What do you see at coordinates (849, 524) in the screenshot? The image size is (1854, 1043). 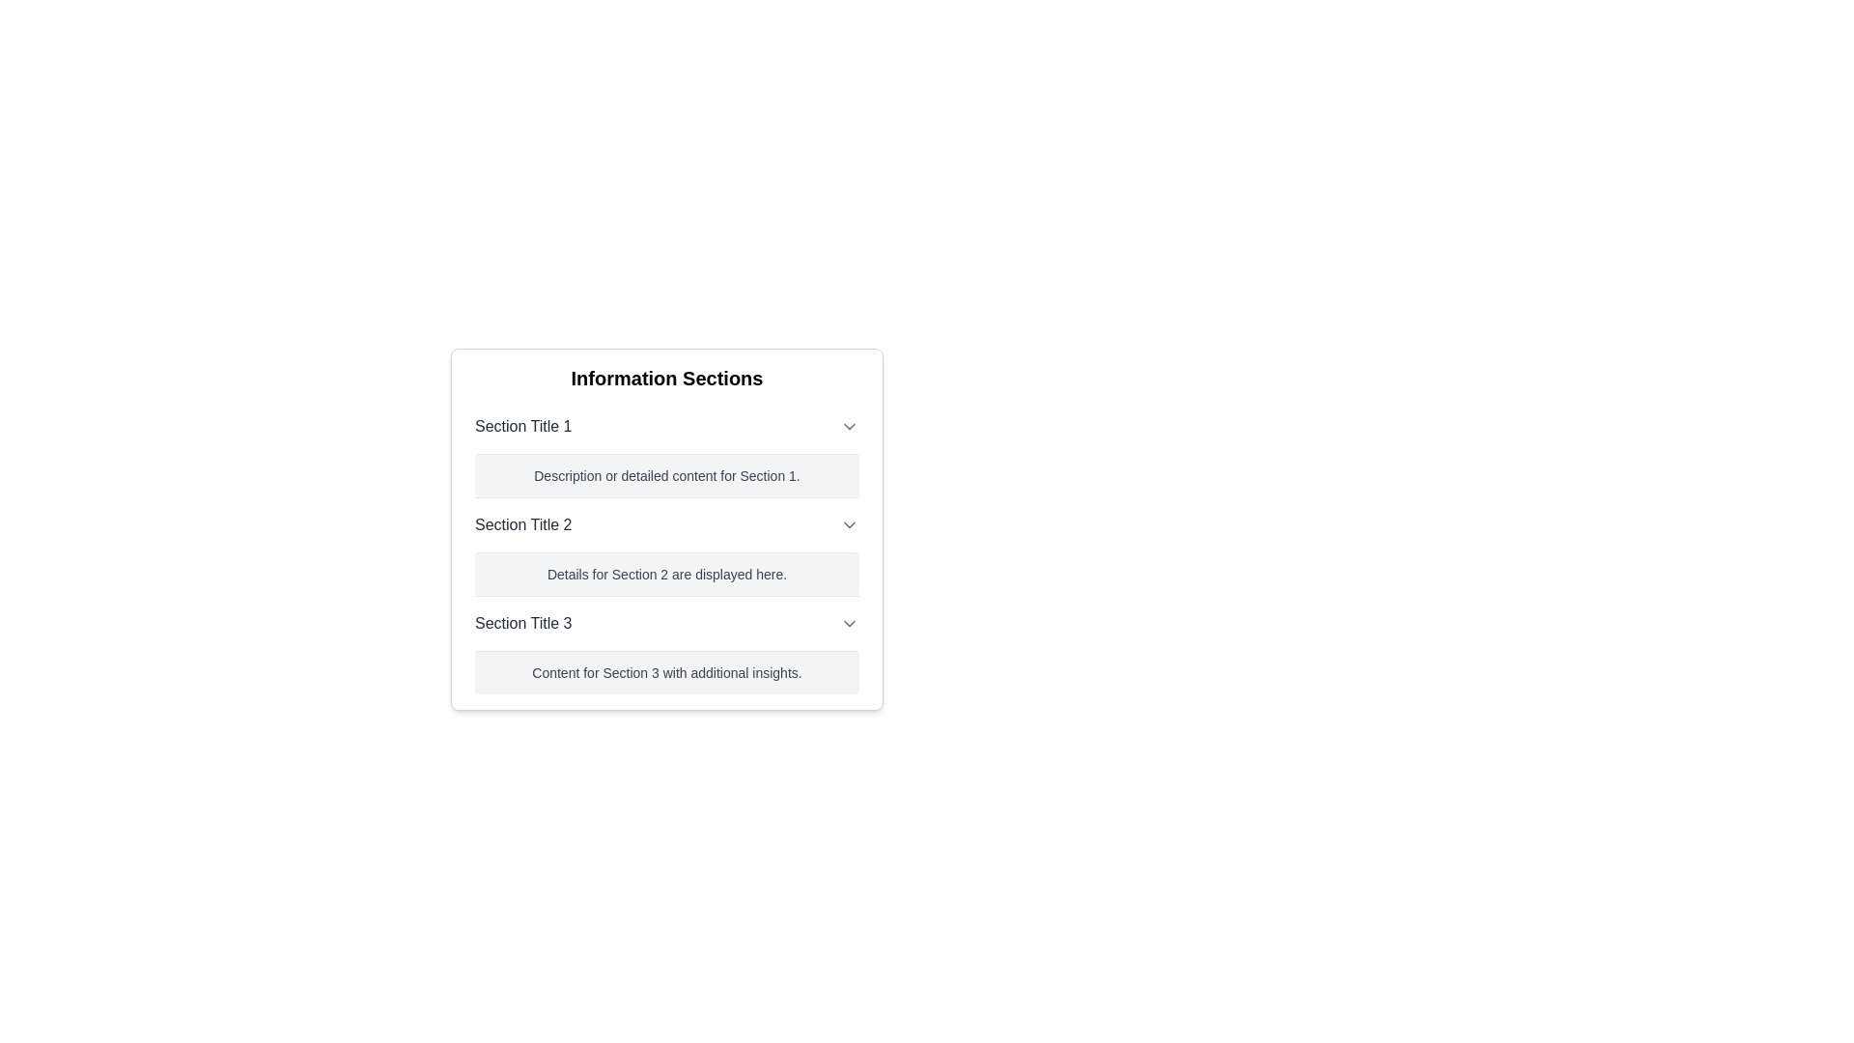 I see `the Icon Button located at the far-right end of the header for 'Section Title 2'` at bounding box center [849, 524].